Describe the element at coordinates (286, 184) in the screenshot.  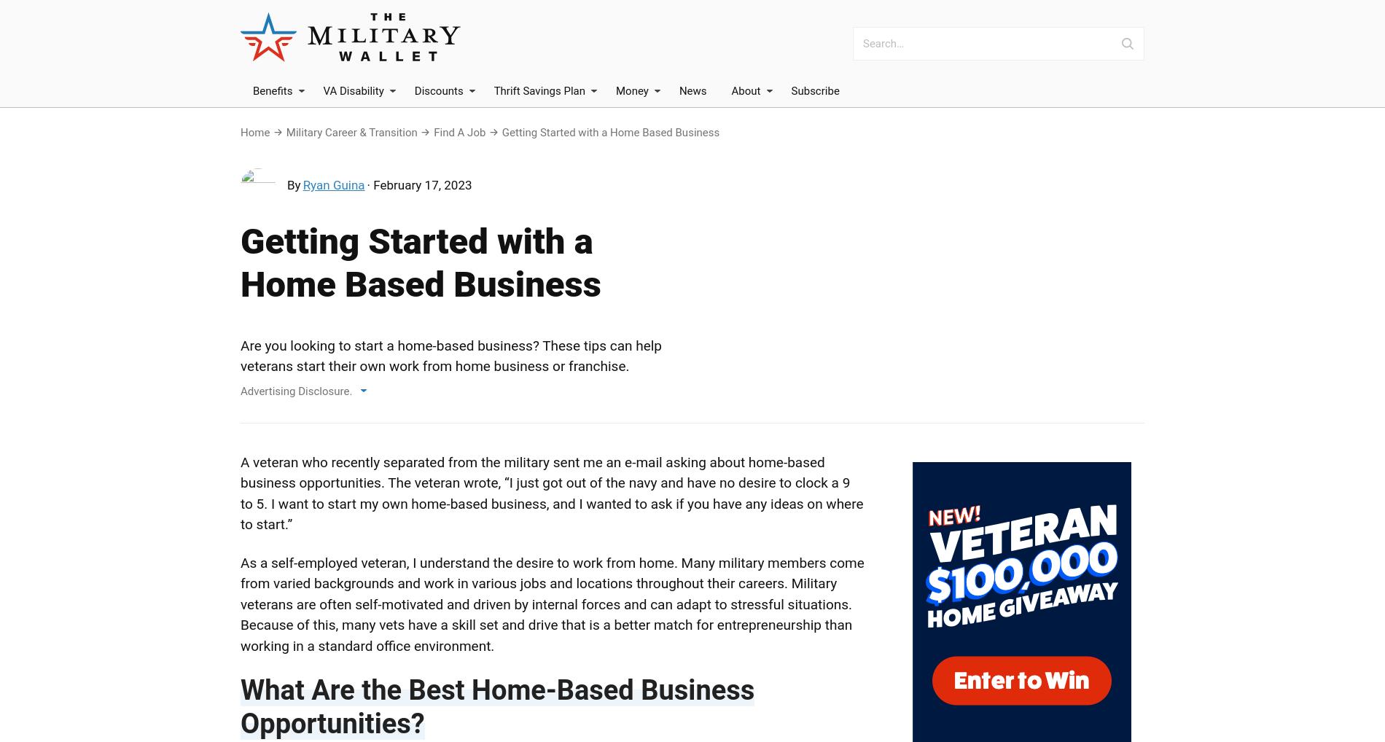
I see `'By'` at that location.